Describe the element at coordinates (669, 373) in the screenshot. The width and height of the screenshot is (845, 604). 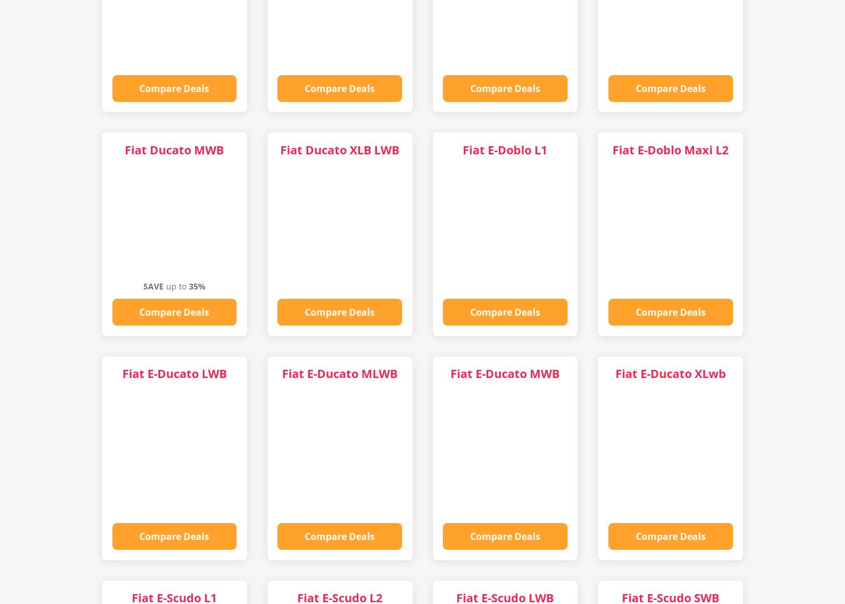
I see `'Fiat E-Ducato XLwb'` at that location.